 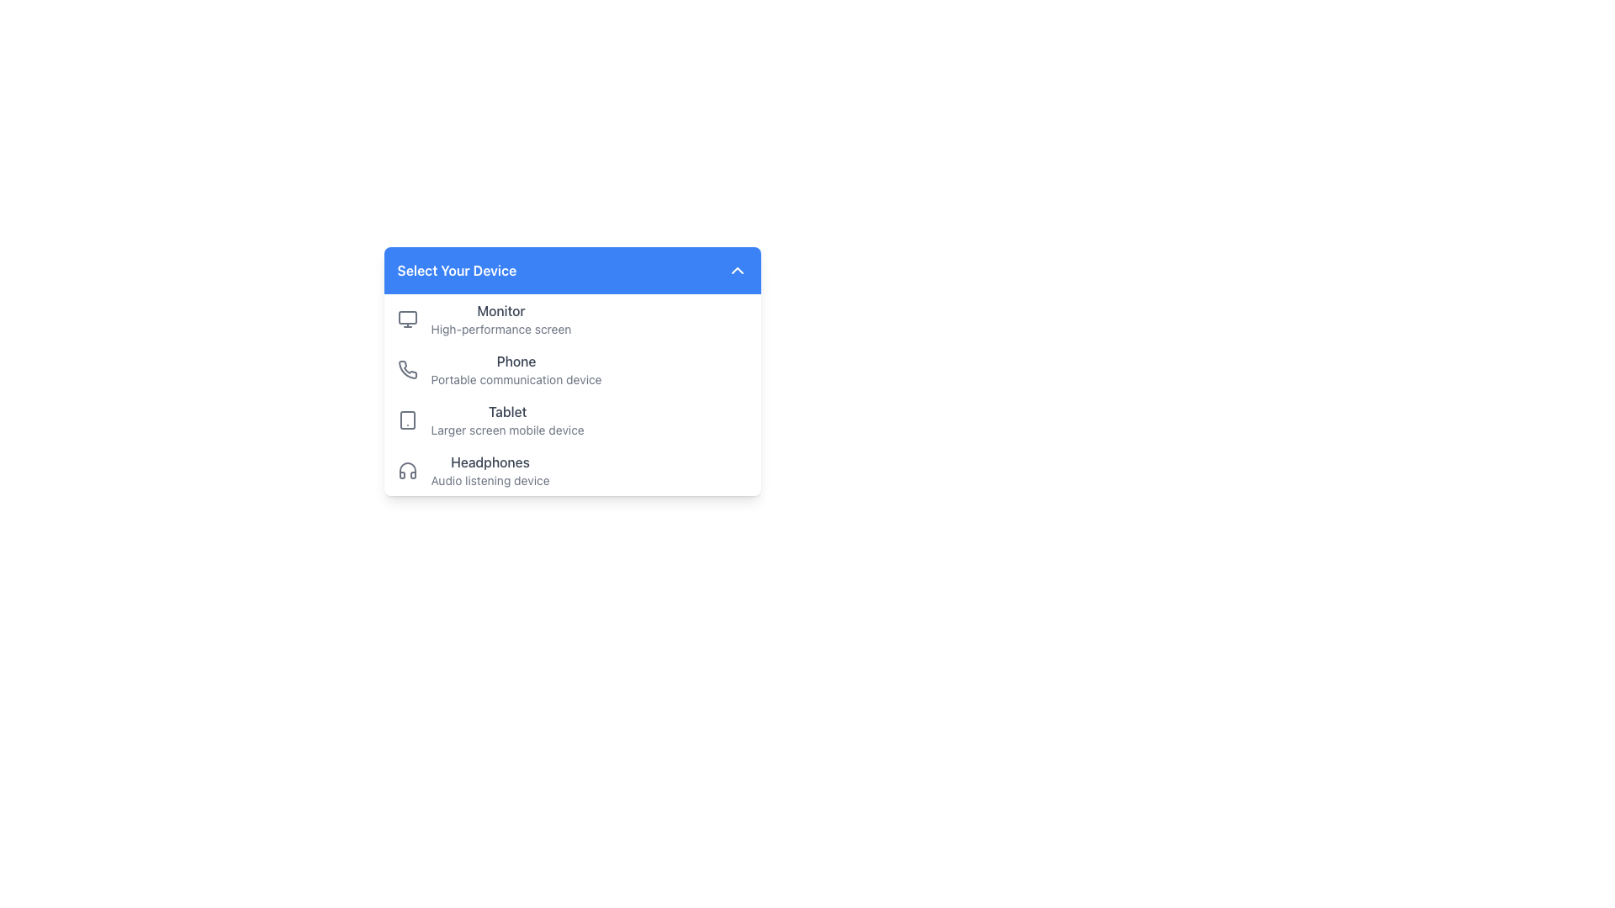 I want to click on the 'Phone' menu item in the device selection menu, so click(x=516, y=368).